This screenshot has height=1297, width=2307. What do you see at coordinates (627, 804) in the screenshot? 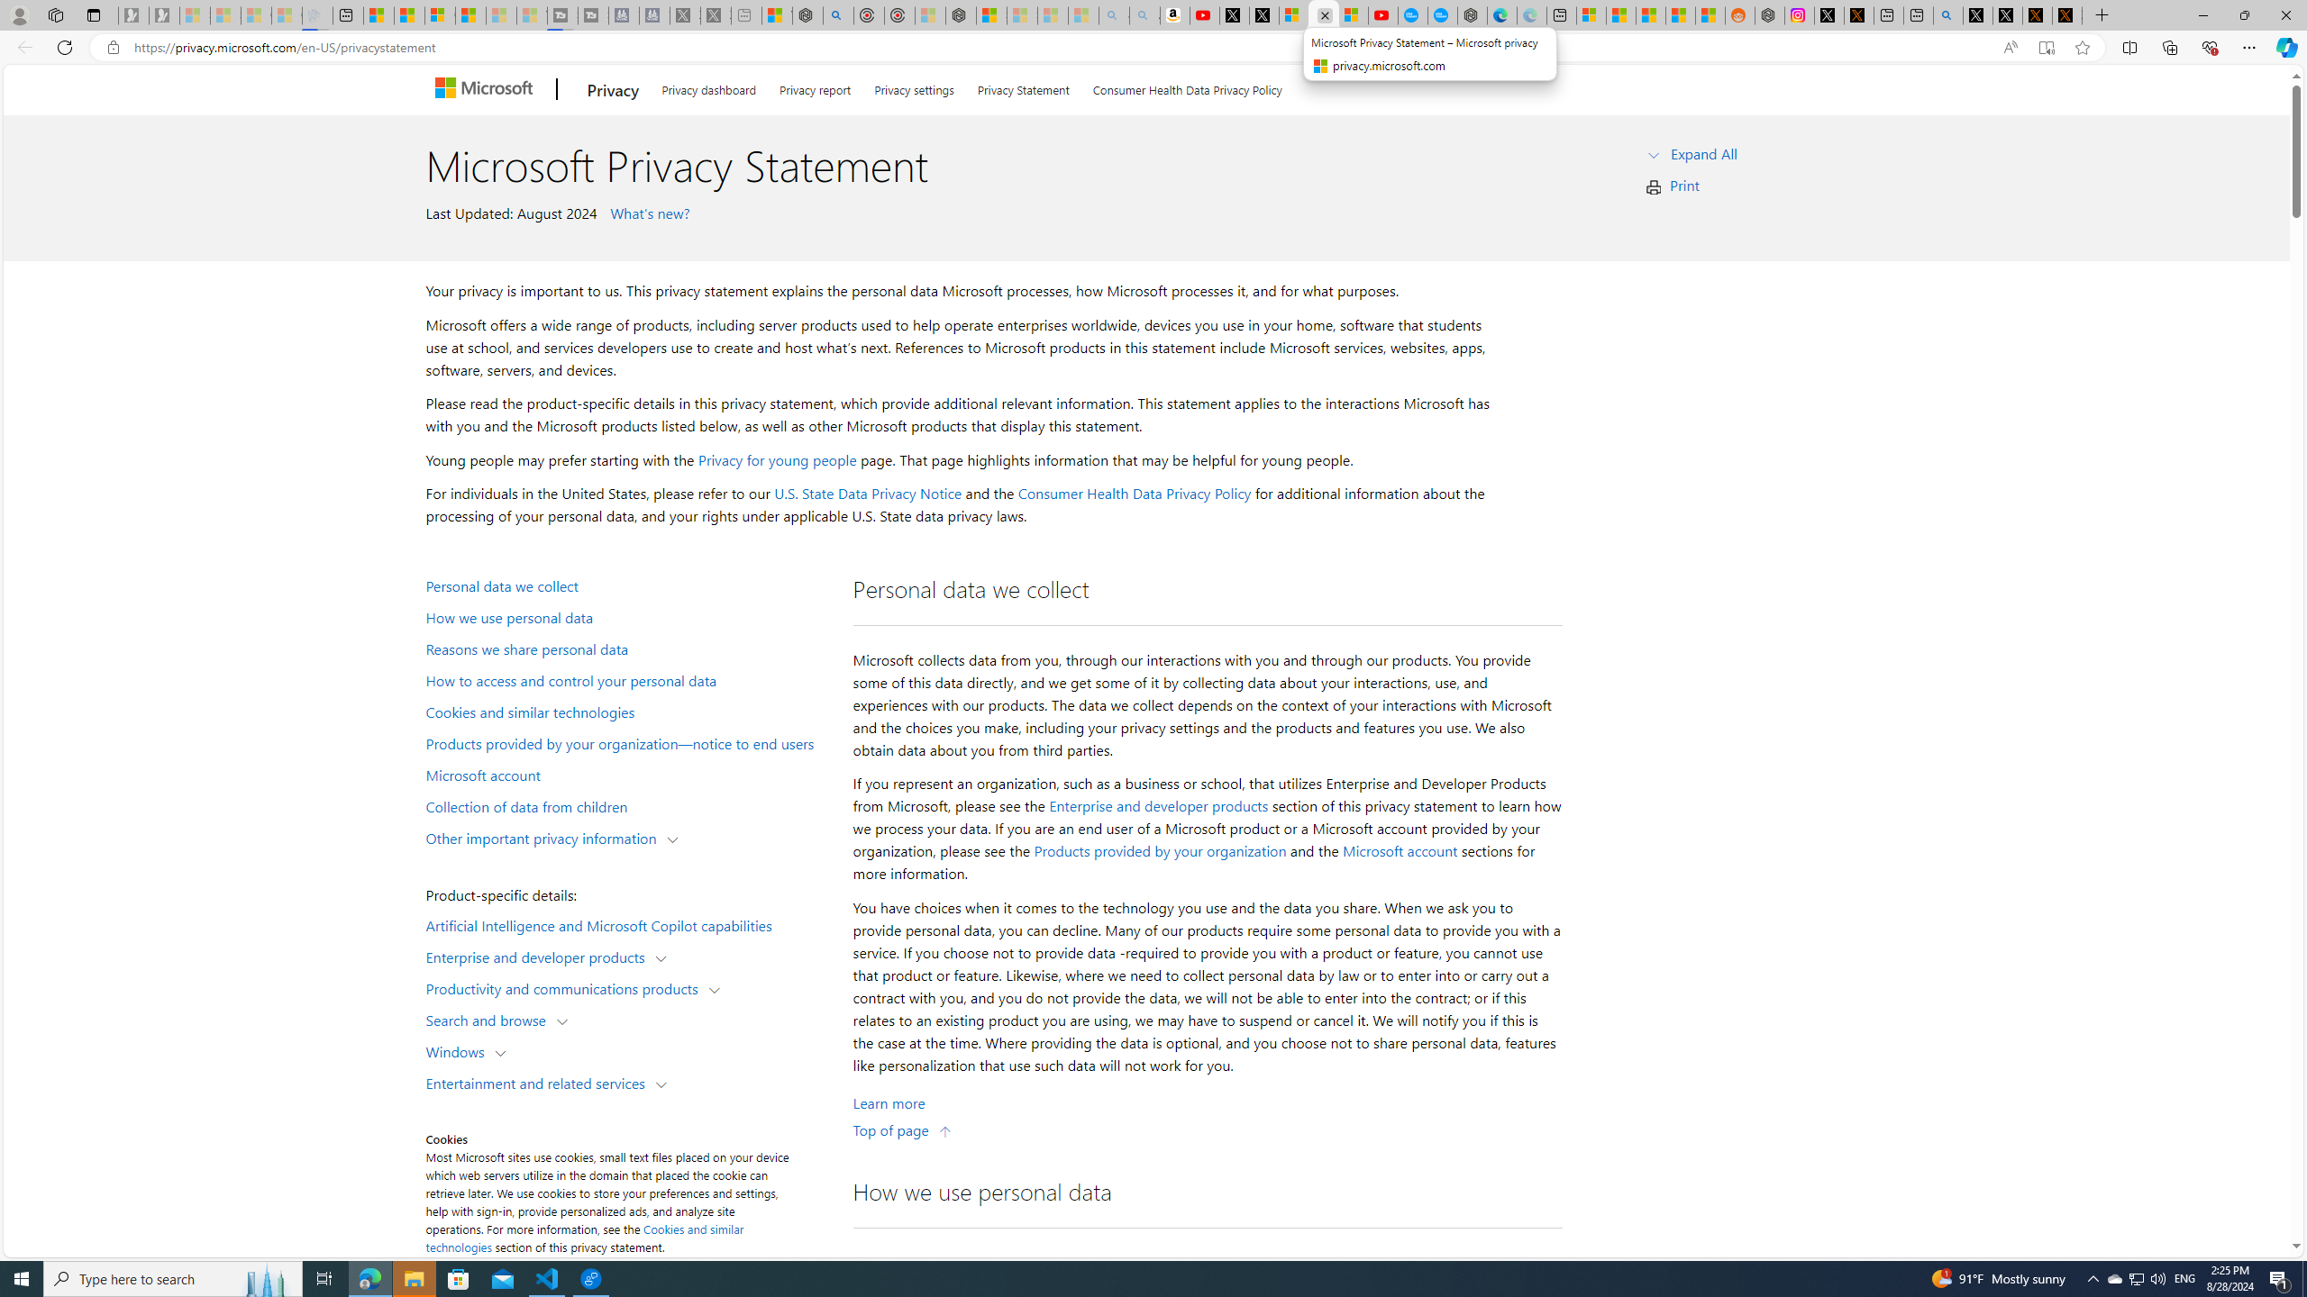
I see `'Collection of data from children'` at bounding box center [627, 804].